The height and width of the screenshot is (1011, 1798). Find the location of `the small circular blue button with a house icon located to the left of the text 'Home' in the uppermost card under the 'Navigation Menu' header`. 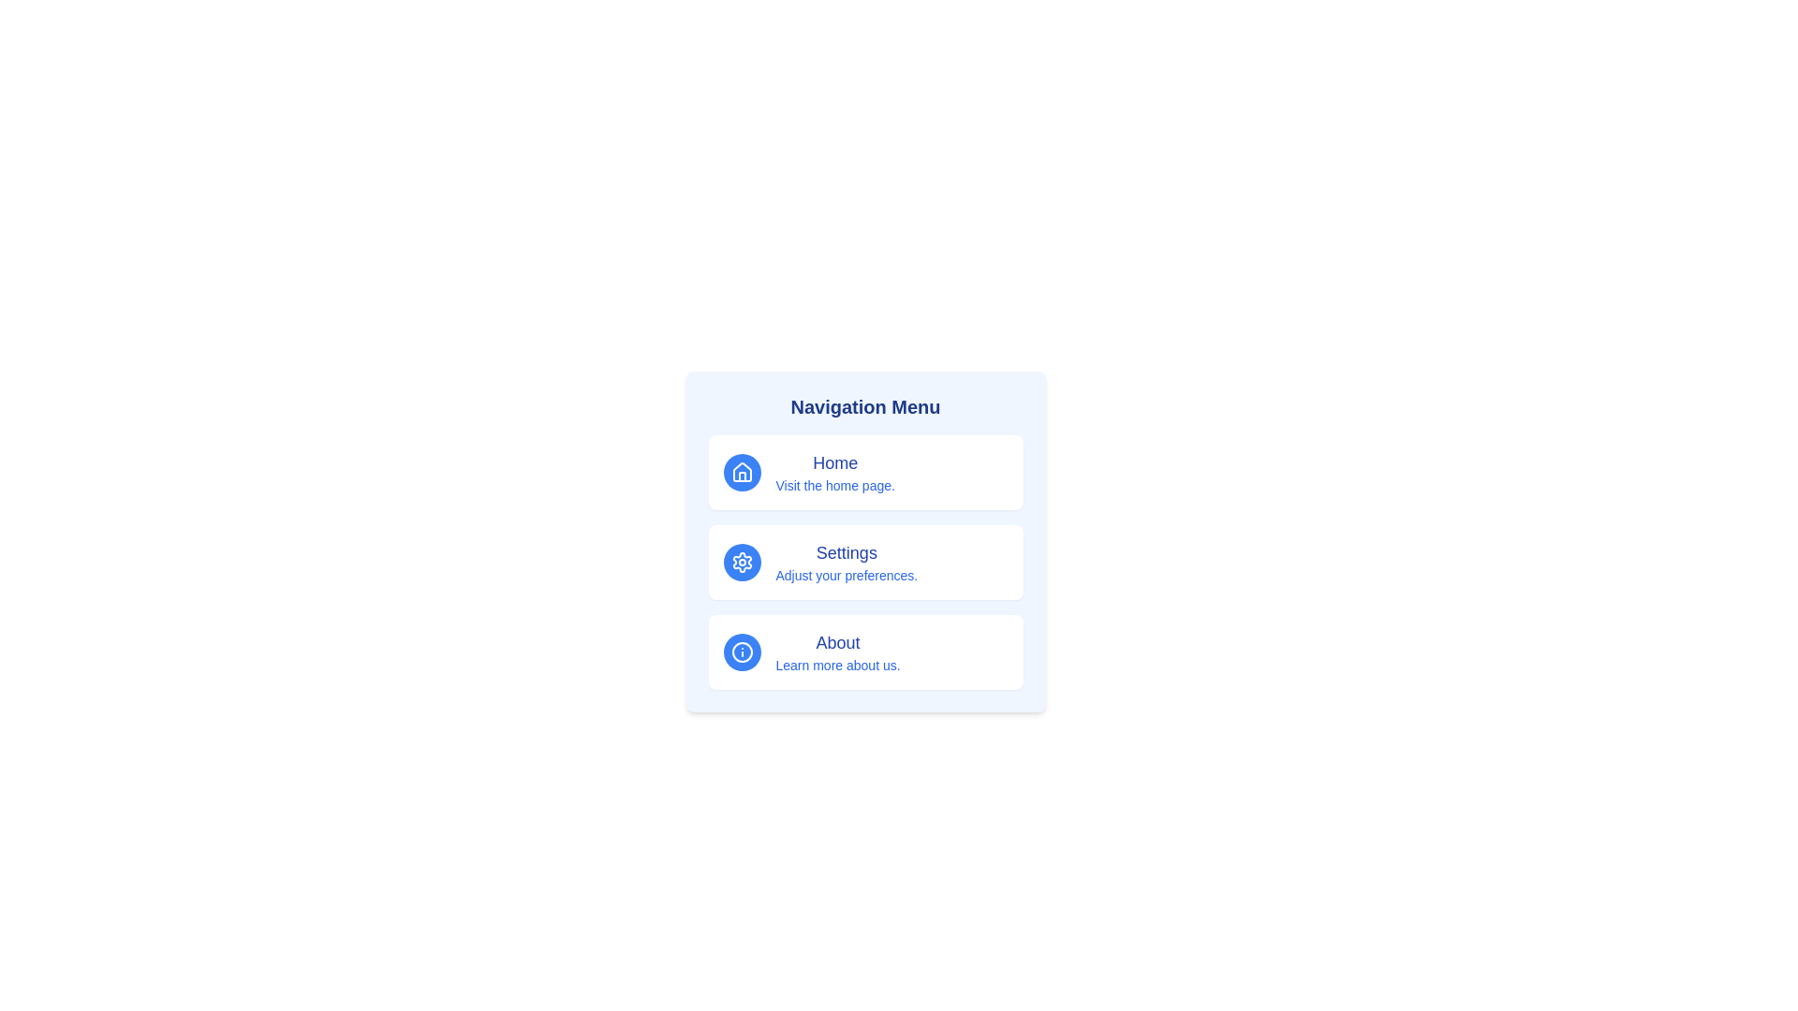

the small circular blue button with a house icon located to the left of the text 'Home' in the uppermost card under the 'Navigation Menu' header is located at coordinates (741, 472).